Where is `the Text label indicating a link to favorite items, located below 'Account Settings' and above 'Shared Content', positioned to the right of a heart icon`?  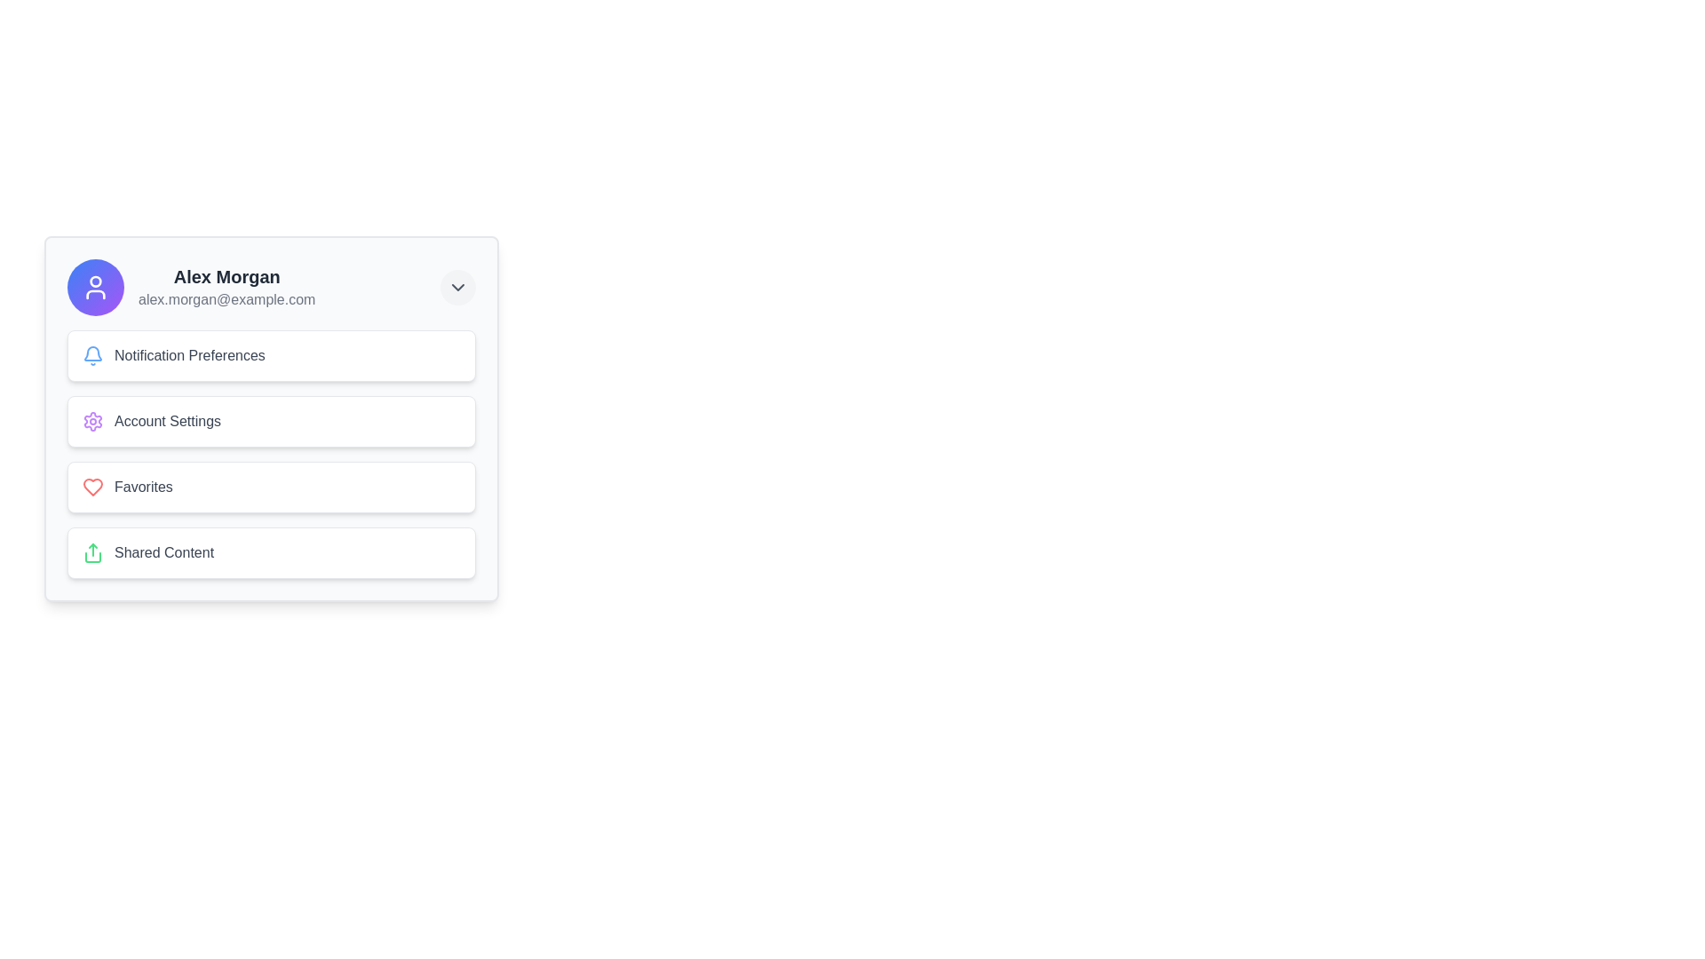 the Text label indicating a link to favorite items, located below 'Account Settings' and above 'Shared Content', positioned to the right of a heart icon is located at coordinates (143, 487).